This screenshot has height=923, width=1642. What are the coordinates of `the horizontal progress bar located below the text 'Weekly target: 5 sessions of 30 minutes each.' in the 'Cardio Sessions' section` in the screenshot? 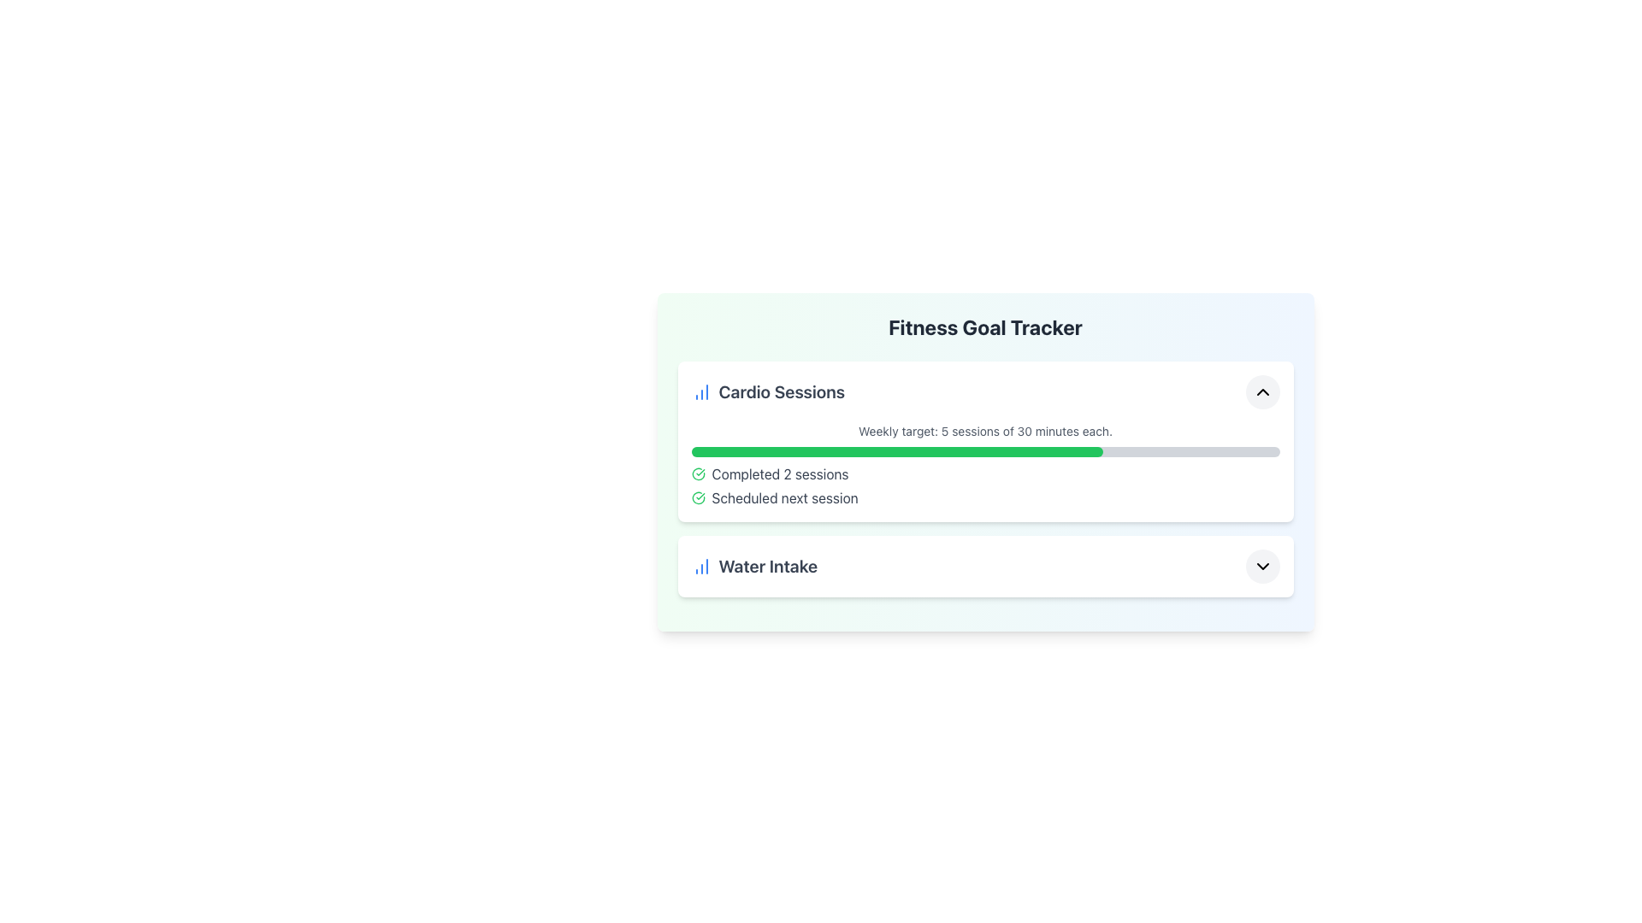 It's located at (985, 450).